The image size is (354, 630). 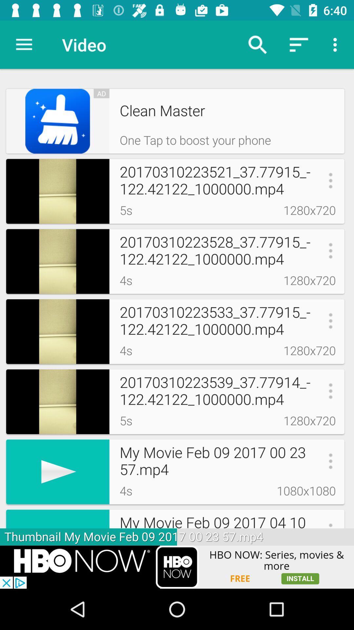 I want to click on the image which is below clean master logo, so click(x=57, y=191).